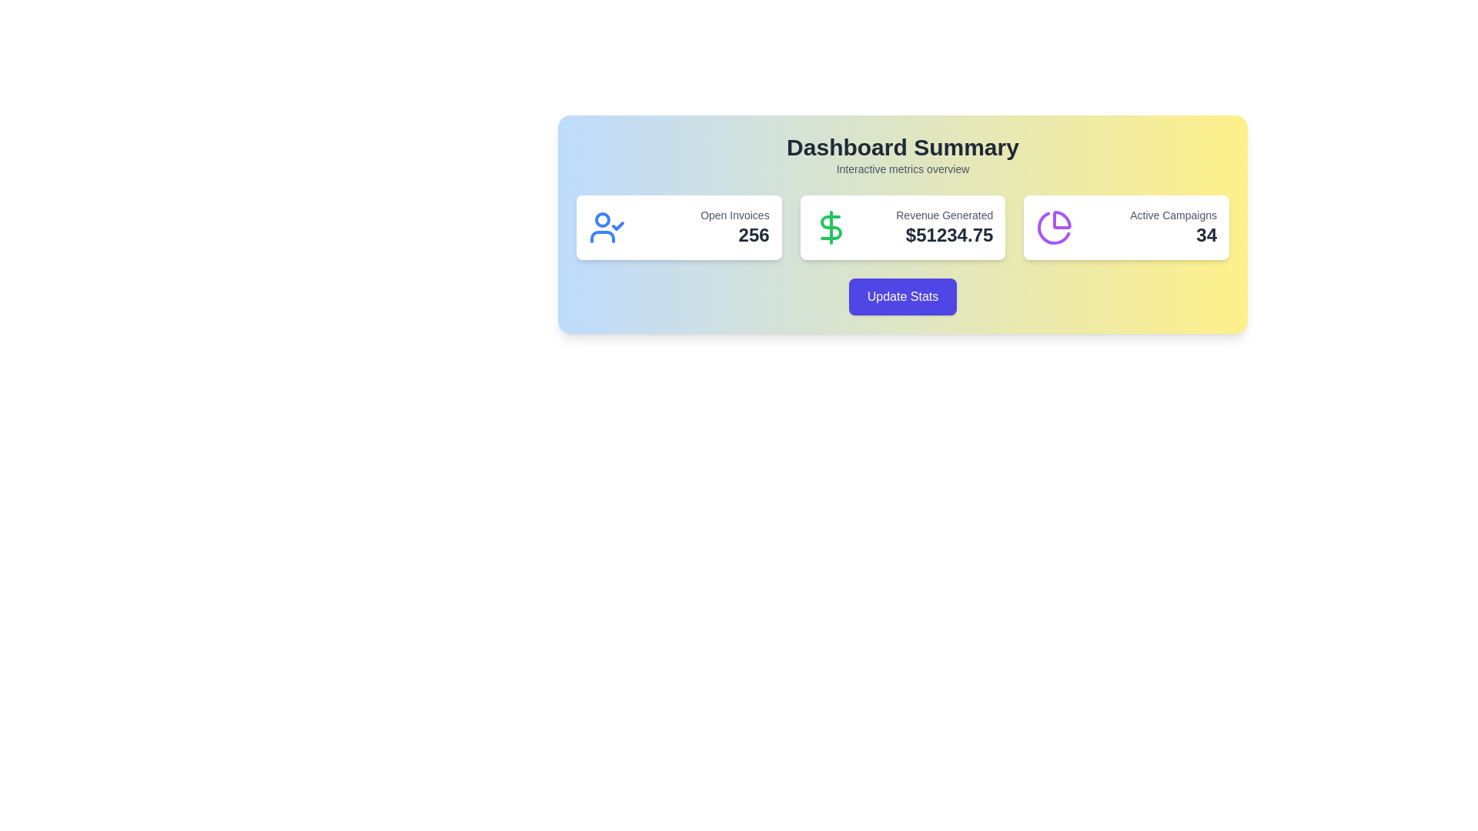  What do you see at coordinates (1054, 228) in the screenshot?
I see `purple pie chart icon located in the rightmost card of the dashboard, positioned to the left of the 'Active Campaigns' text and the number '34'` at bounding box center [1054, 228].